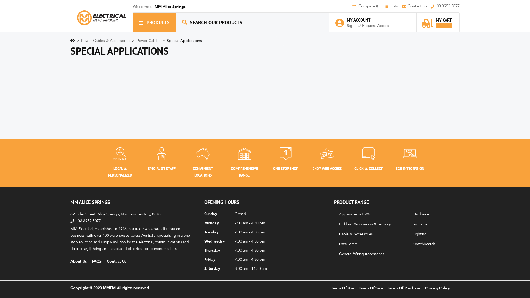 This screenshot has width=530, height=298. Describe the element at coordinates (149, 40) in the screenshot. I see `'Power Cables'` at that location.